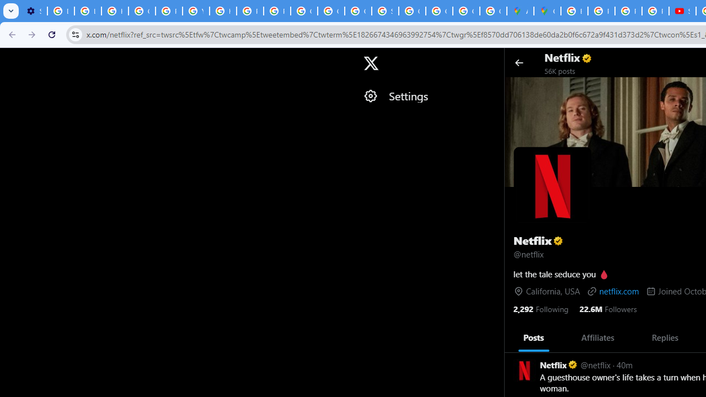 The width and height of the screenshot is (706, 397). I want to click on 'Blogger Policies and Guidelines - Transparency Center', so click(574, 11).